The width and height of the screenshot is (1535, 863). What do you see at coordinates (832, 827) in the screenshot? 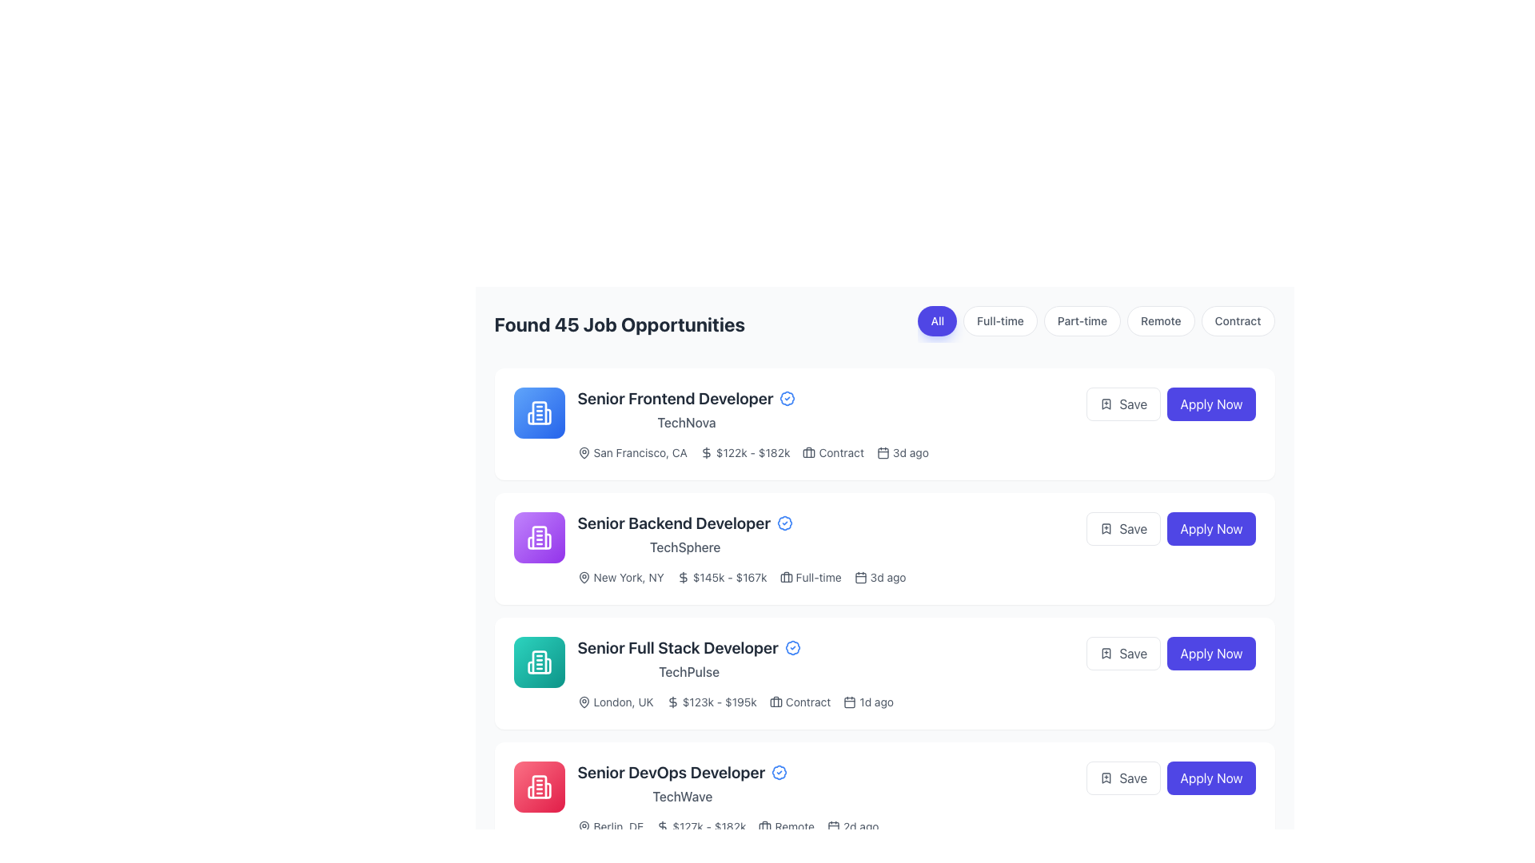
I see `the calendar icon that signifies job posting dates or deadlines, located within a job posting entry` at bounding box center [832, 827].